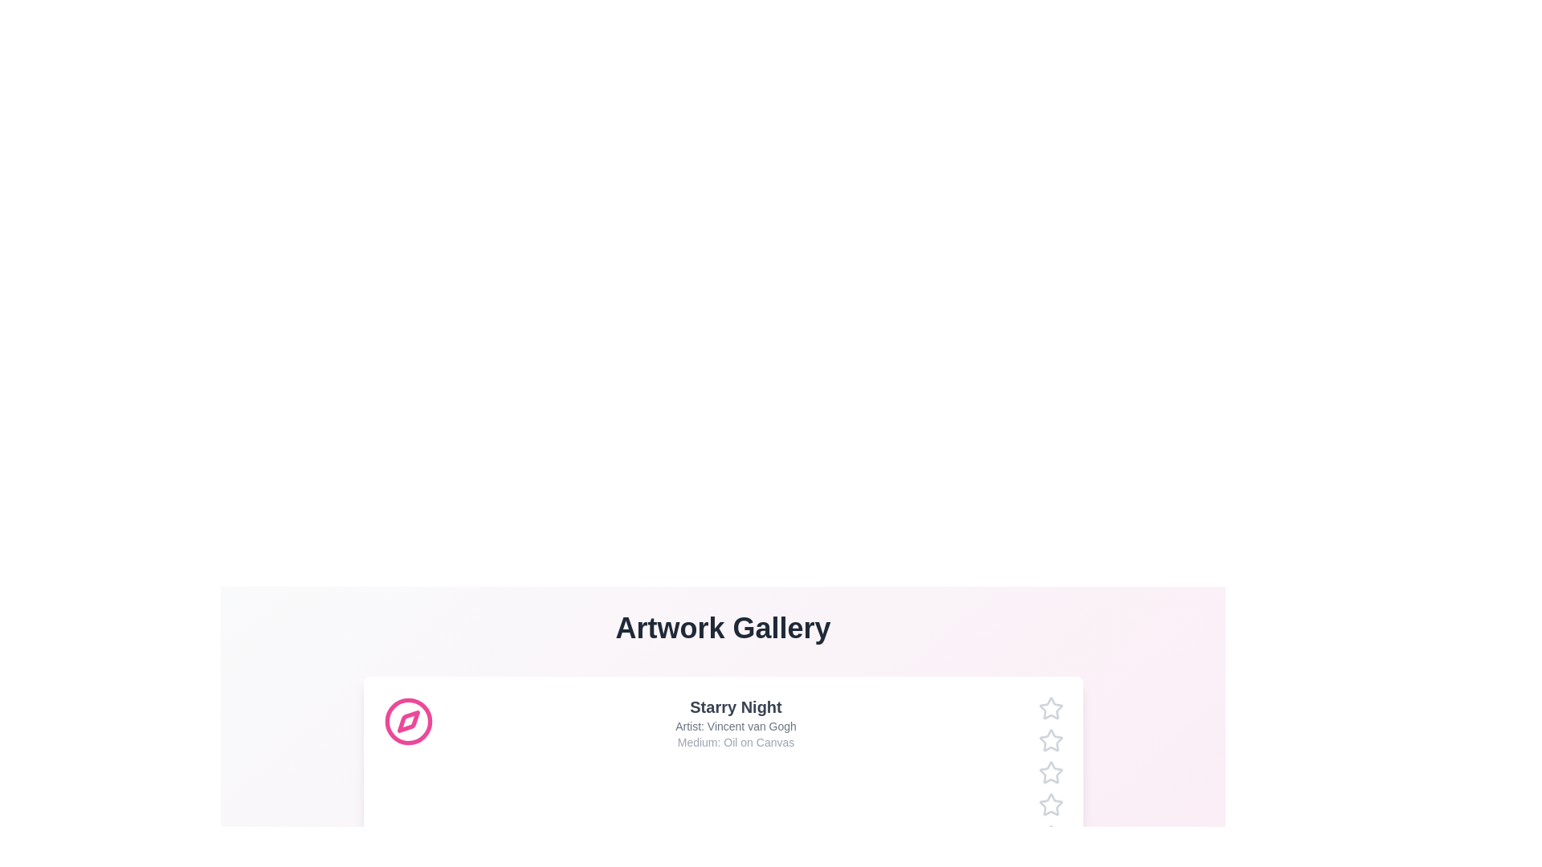  Describe the element at coordinates (1038, 708) in the screenshot. I see `the rating for the artwork 'Starry Night' to 1 stars` at that location.